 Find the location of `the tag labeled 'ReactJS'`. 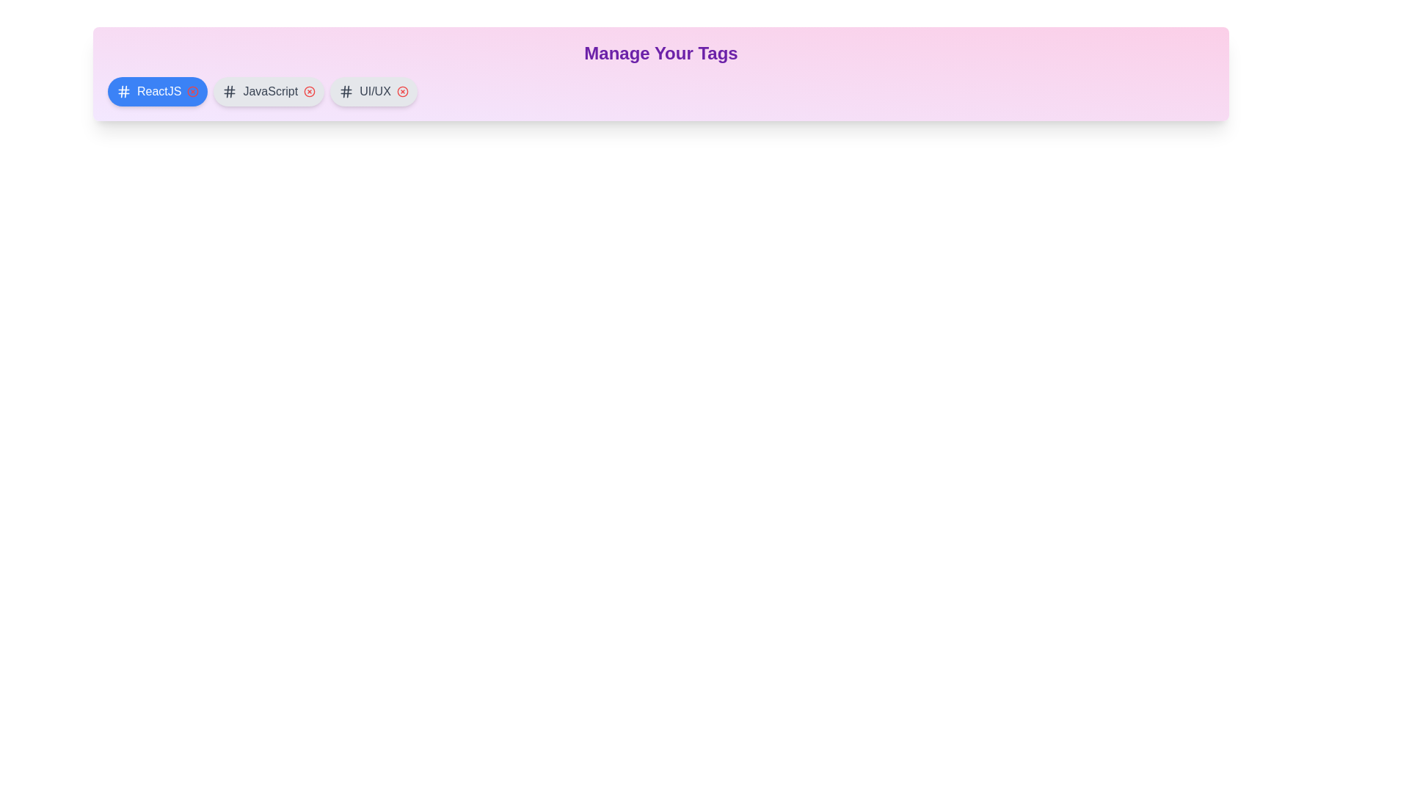

the tag labeled 'ReactJS' is located at coordinates (158, 91).